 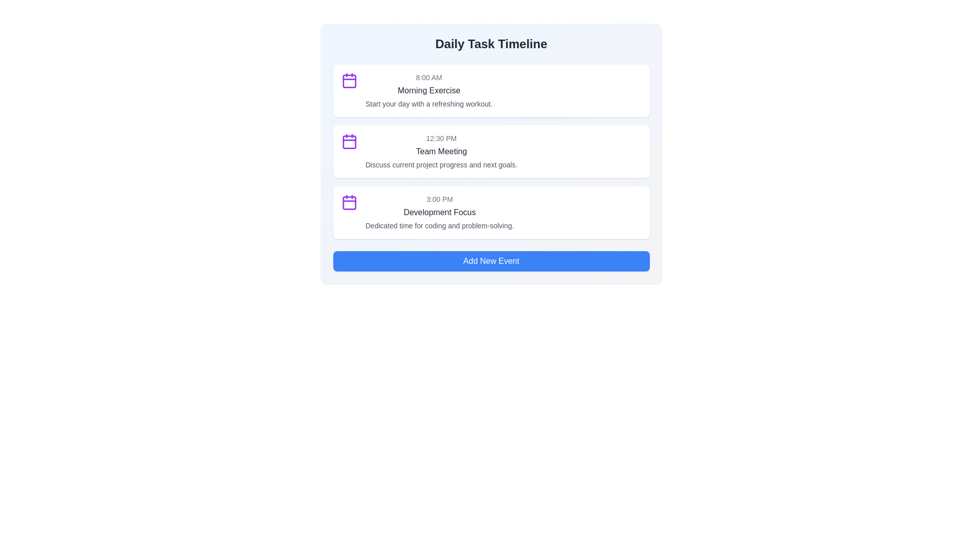 I want to click on the inner rectangular space of the calendar icon located in the third item of the vertical list of time events on the right section of the interface, so click(x=349, y=203).